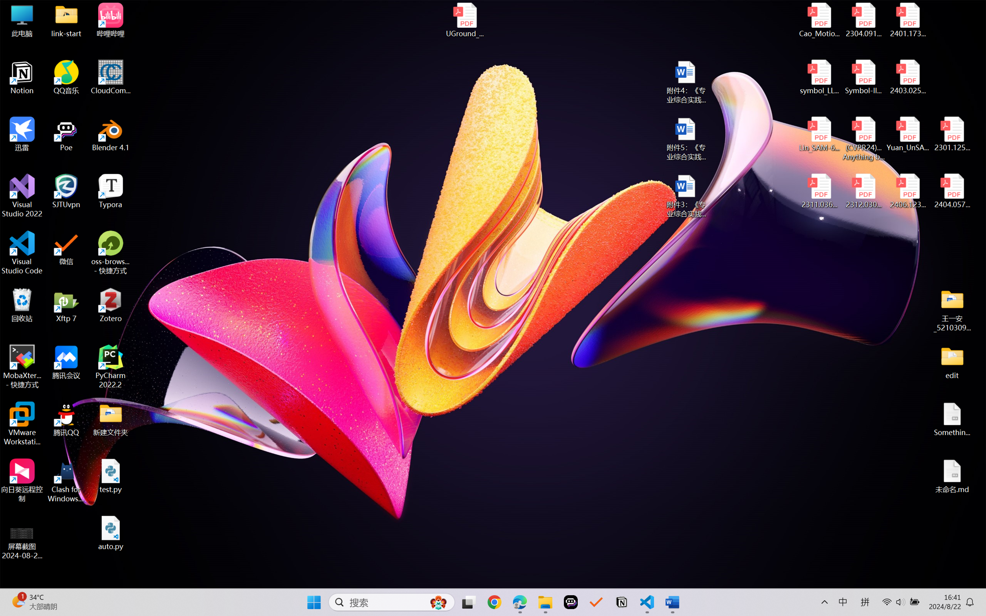  What do you see at coordinates (951, 419) in the screenshot?
I see `'Something.md'` at bounding box center [951, 419].